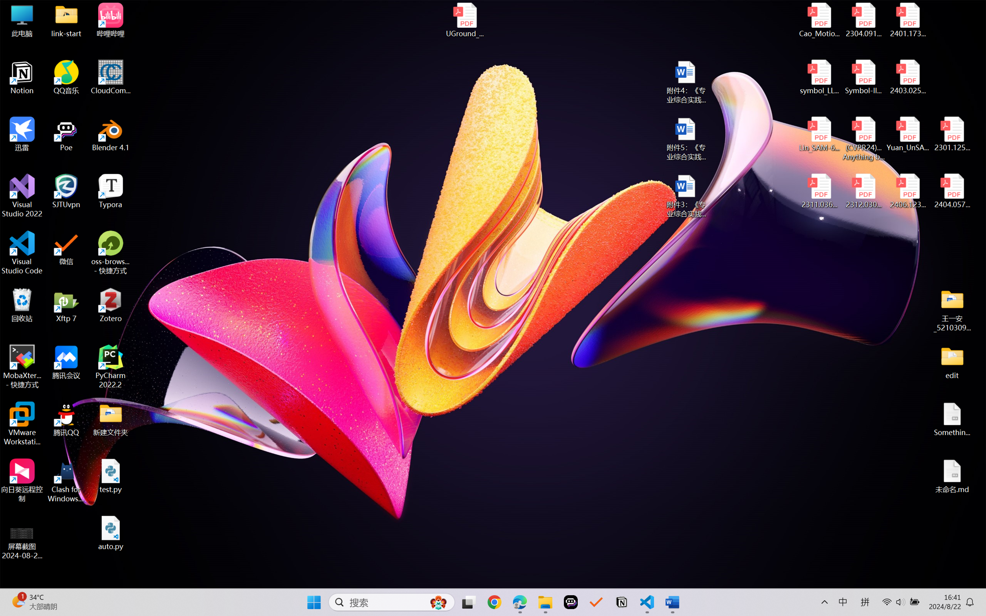  What do you see at coordinates (951, 419) in the screenshot?
I see `'Something.md'` at bounding box center [951, 419].